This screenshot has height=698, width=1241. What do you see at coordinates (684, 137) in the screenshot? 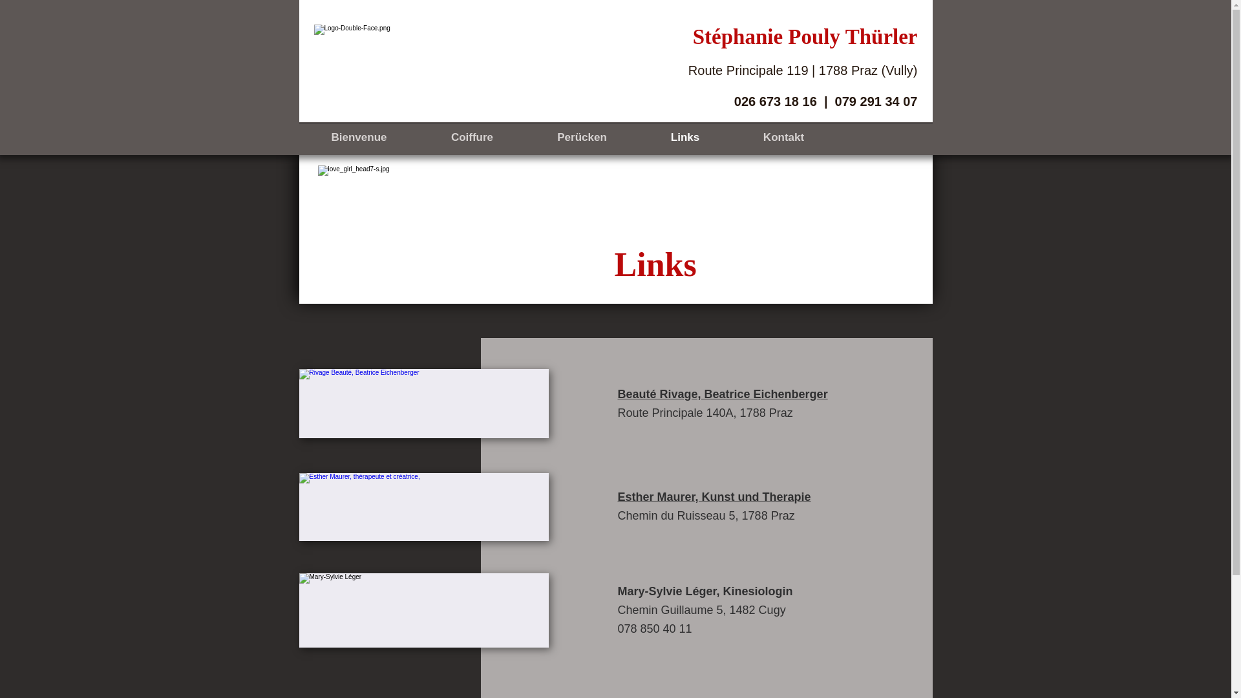
I see `'Links'` at bounding box center [684, 137].